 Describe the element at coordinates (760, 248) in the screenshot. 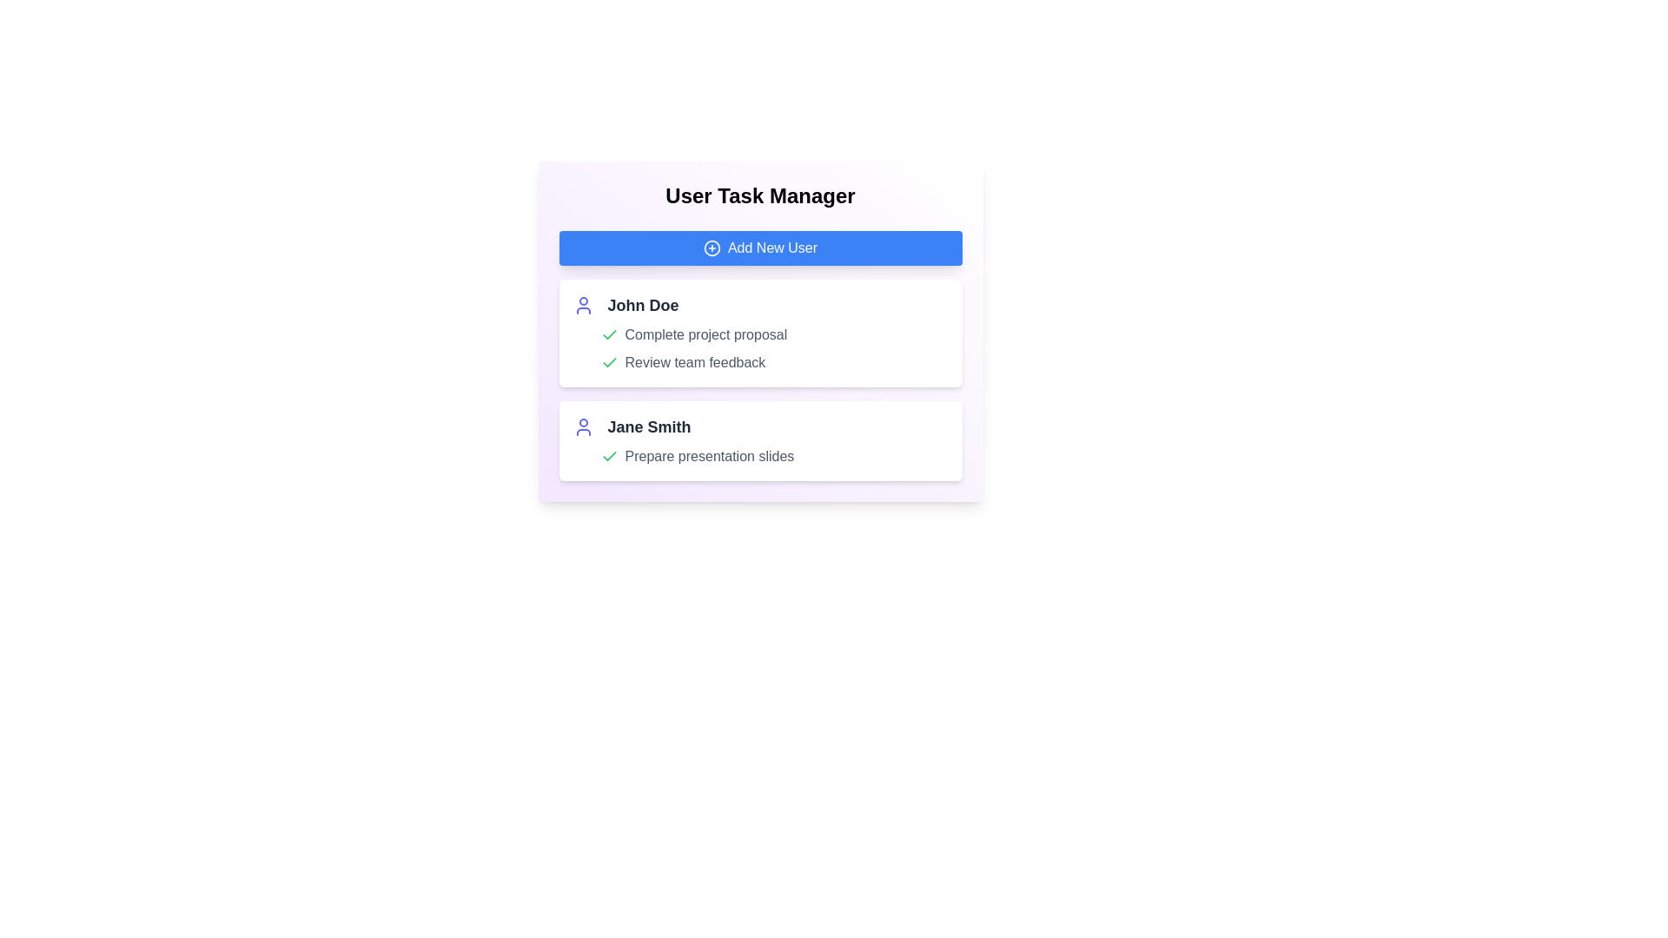

I see `'Add New User' button to add a new user to the list` at that location.